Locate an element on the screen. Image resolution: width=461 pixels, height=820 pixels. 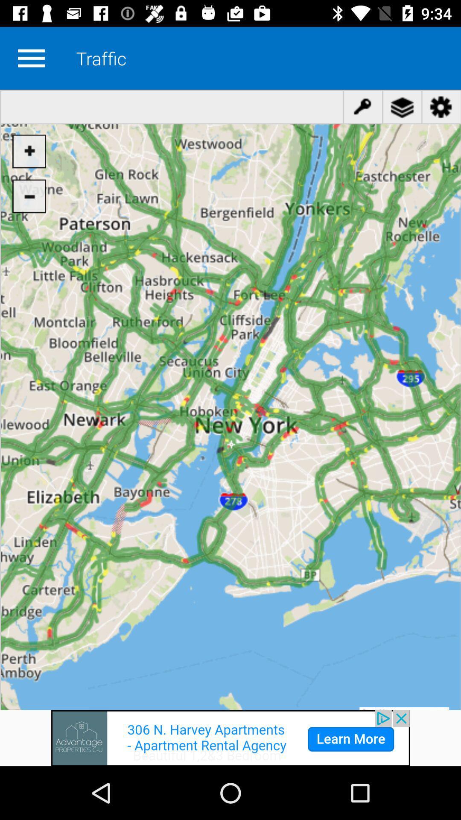
menu is located at coordinates (31, 58).